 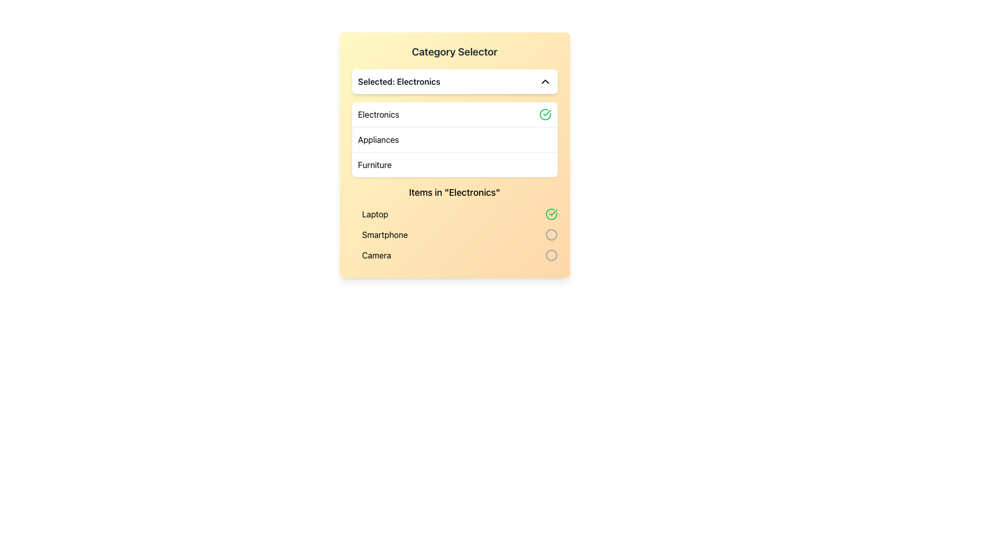 I want to click on the Text Label indicating the category 'Electronics', which is positioned below the category selection menu and above the list of items such as 'Laptop', 'Smartphone', and 'Camera', so click(x=454, y=192).